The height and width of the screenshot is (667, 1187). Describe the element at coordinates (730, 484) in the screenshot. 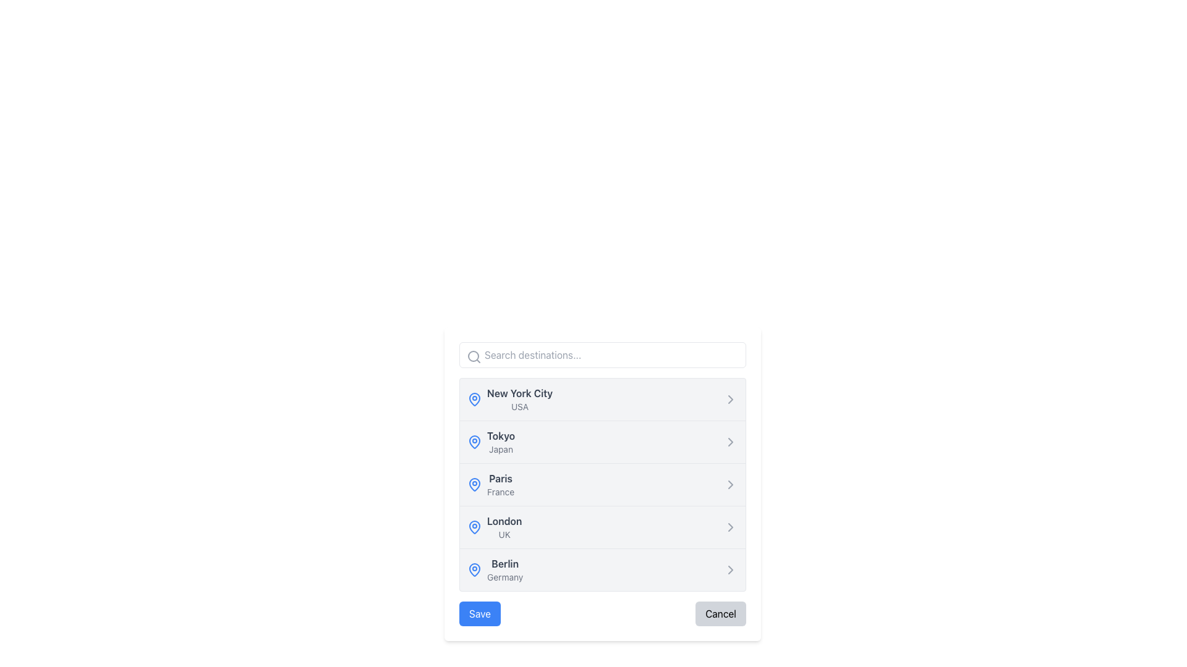

I see `the navigational icon located to the right of the text 'Paris' and 'France' in the third list item` at that location.